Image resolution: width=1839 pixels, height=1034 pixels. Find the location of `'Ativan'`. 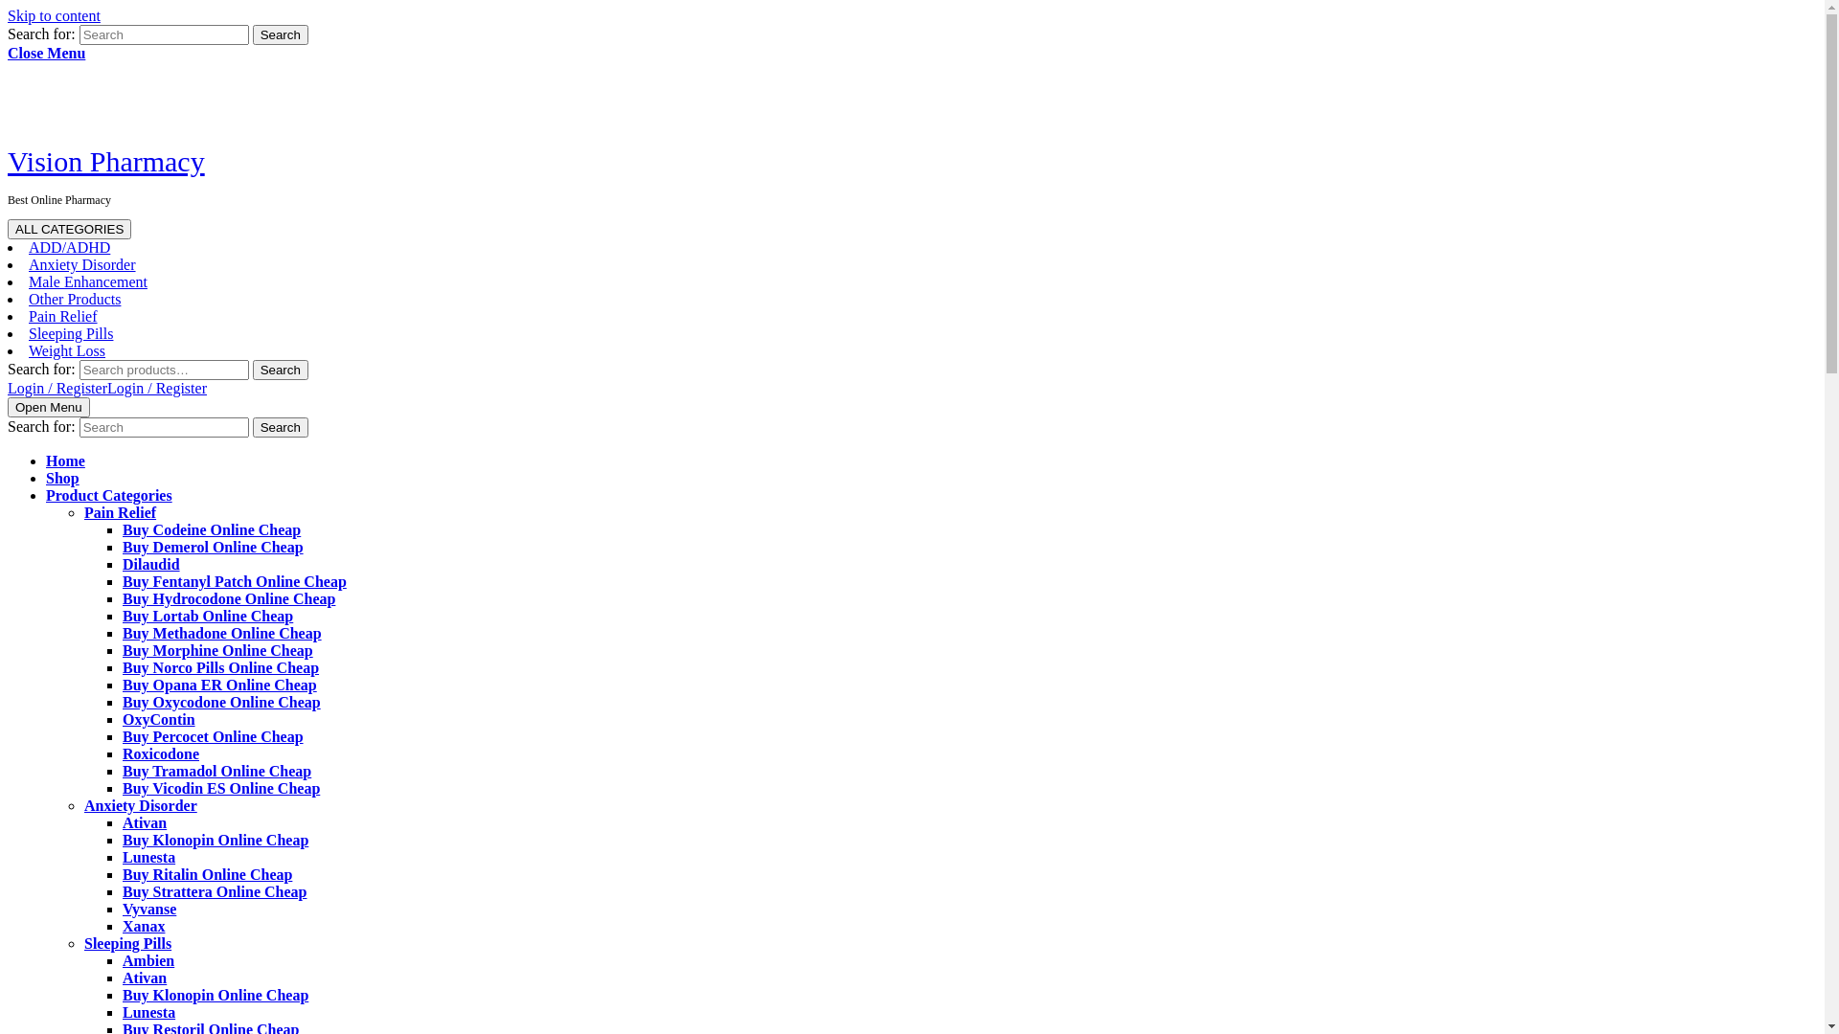

'Ativan' is located at coordinates (143, 821).